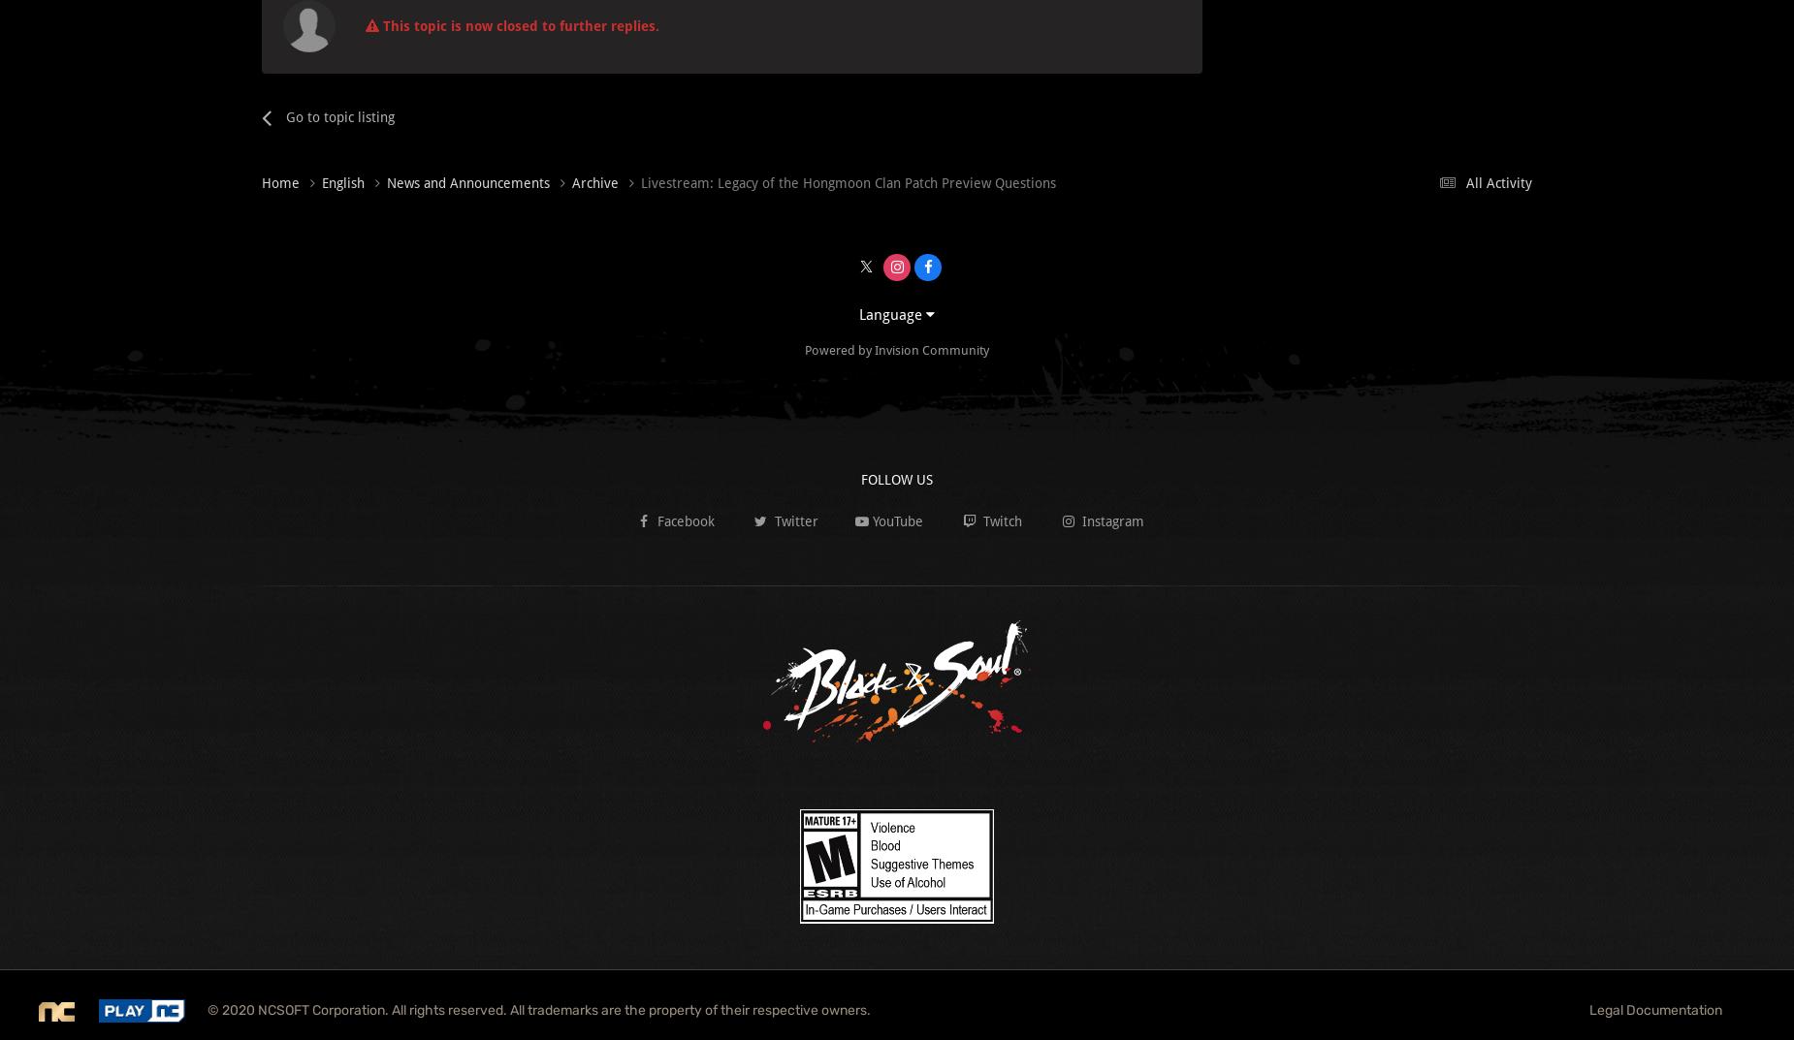 The image size is (1794, 1040). Describe the element at coordinates (281, 181) in the screenshot. I see `'Home'` at that location.